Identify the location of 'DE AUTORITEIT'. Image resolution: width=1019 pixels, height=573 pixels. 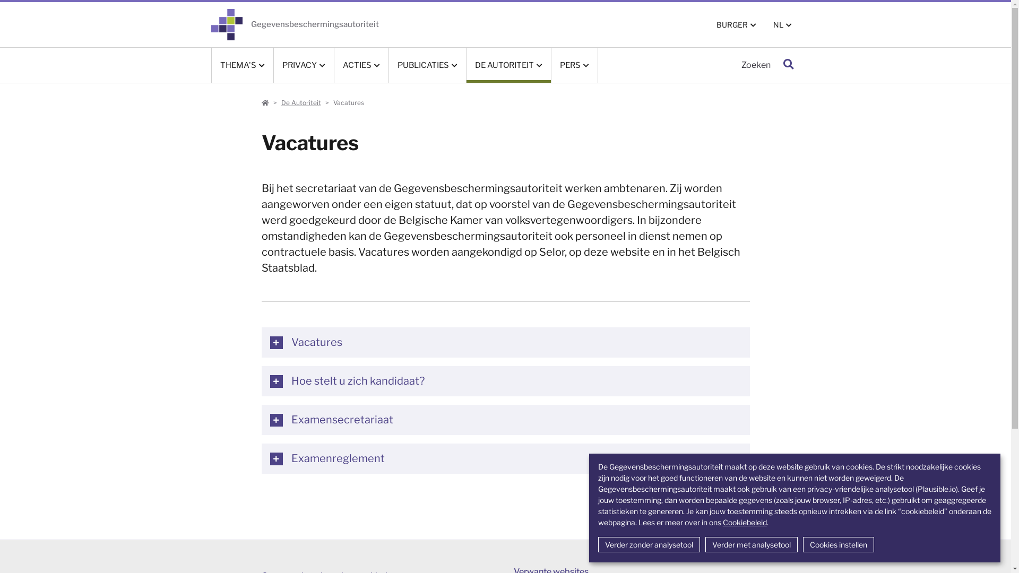
(507, 65).